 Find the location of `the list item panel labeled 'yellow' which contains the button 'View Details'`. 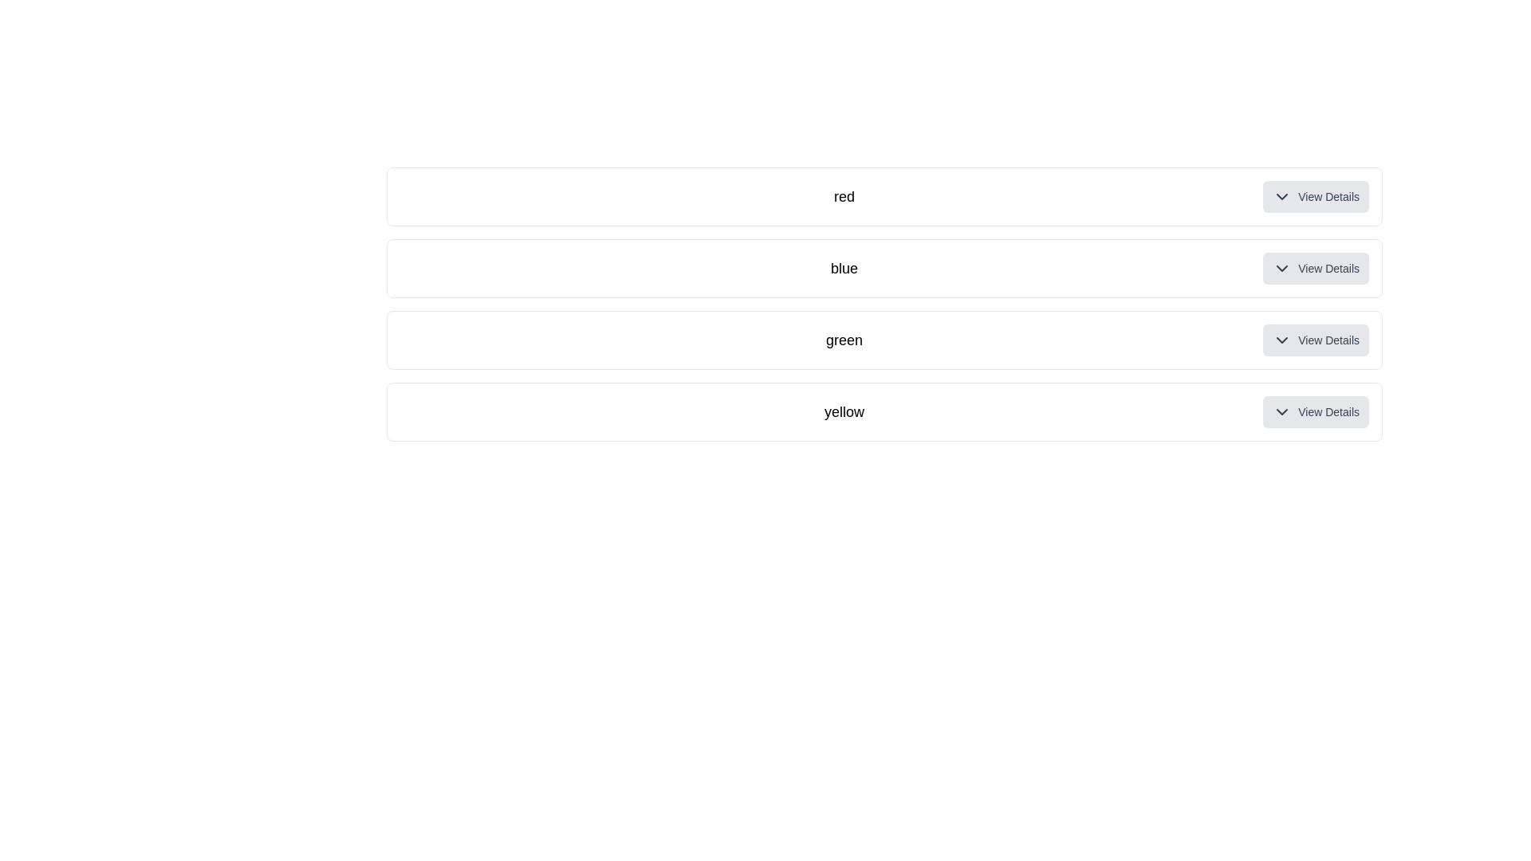

the list item panel labeled 'yellow' which contains the button 'View Details' is located at coordinates (884, 411).